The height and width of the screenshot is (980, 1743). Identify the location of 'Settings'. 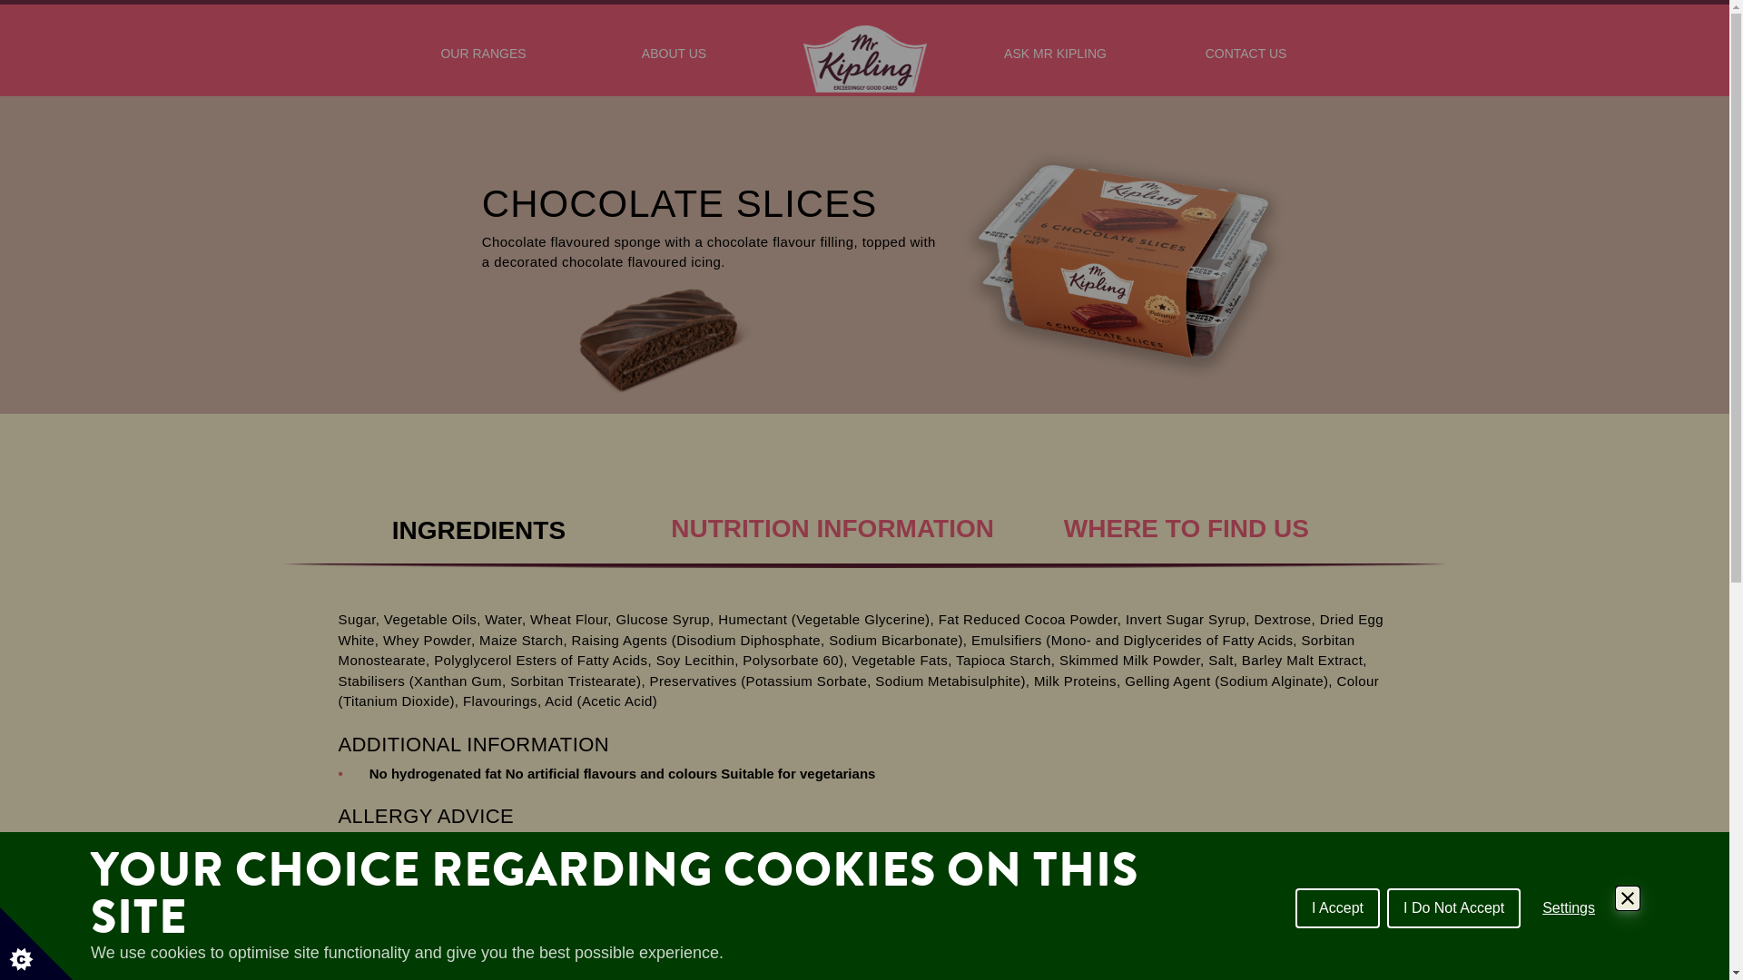
(1568, 906).